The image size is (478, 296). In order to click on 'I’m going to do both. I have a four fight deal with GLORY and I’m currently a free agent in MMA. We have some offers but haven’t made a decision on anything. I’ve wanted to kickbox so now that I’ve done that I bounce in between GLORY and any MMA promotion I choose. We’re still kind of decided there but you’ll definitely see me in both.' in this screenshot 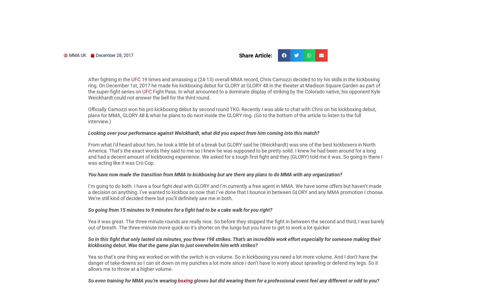, I will do `click(236, 192)`.